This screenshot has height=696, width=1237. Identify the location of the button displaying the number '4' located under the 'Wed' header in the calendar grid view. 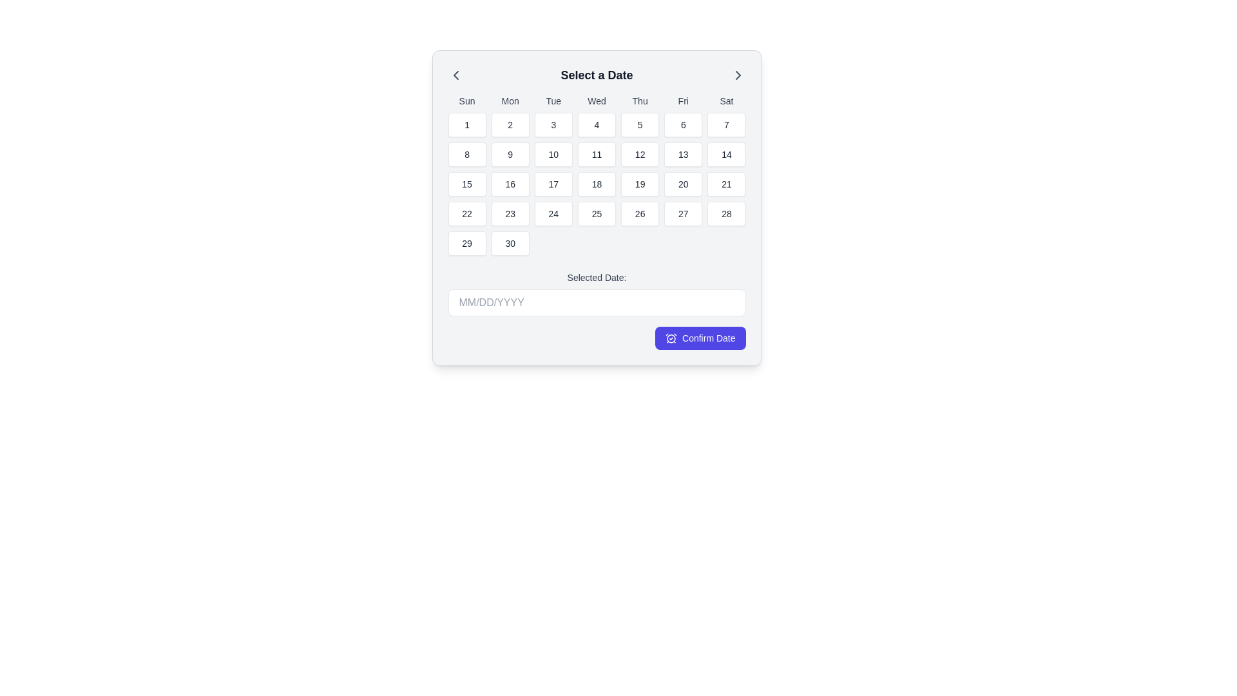
(596, 124).